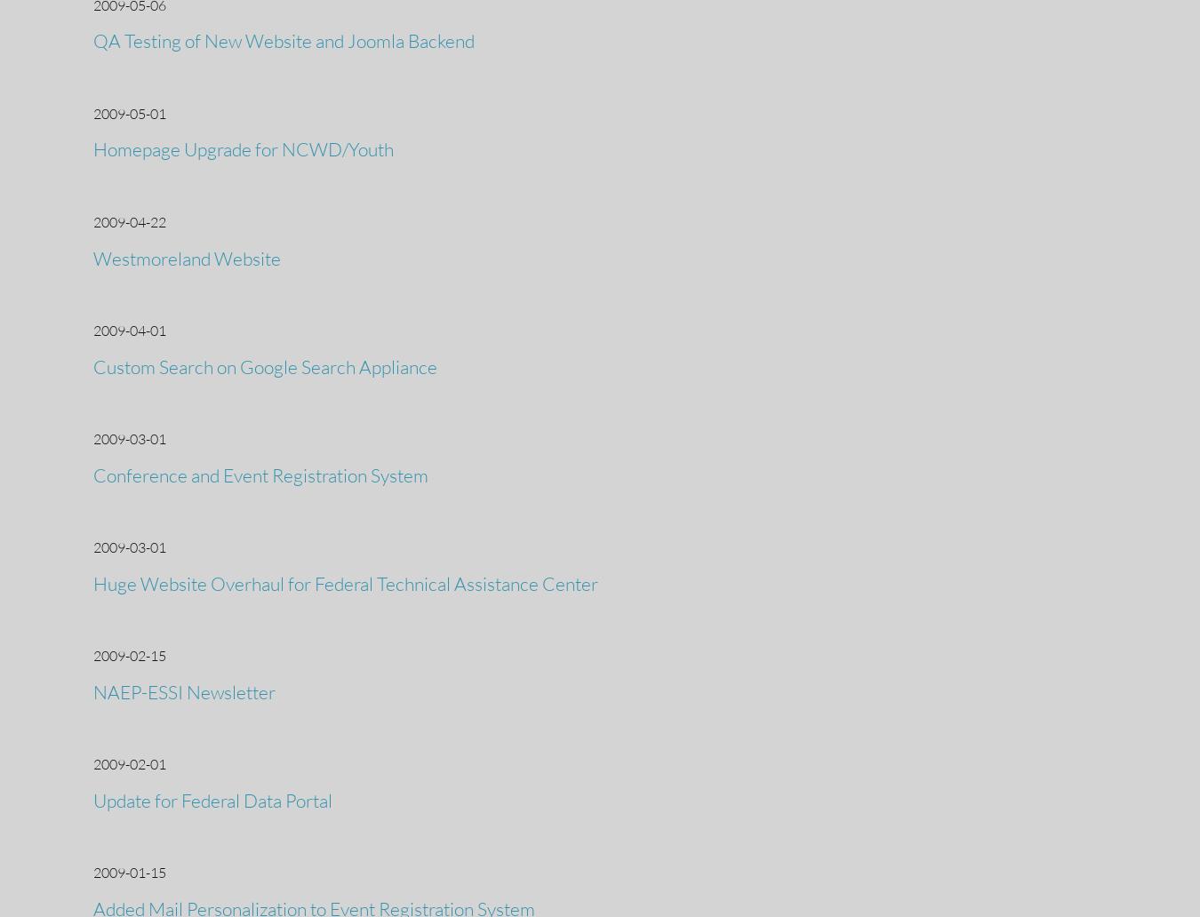 Image resolution: width=1200 pixels, height=917 pixels. What do you see at coordinates (129, 220) in the screenshot?
I see `'2009-04-22'` at bounding box center [129, 220].